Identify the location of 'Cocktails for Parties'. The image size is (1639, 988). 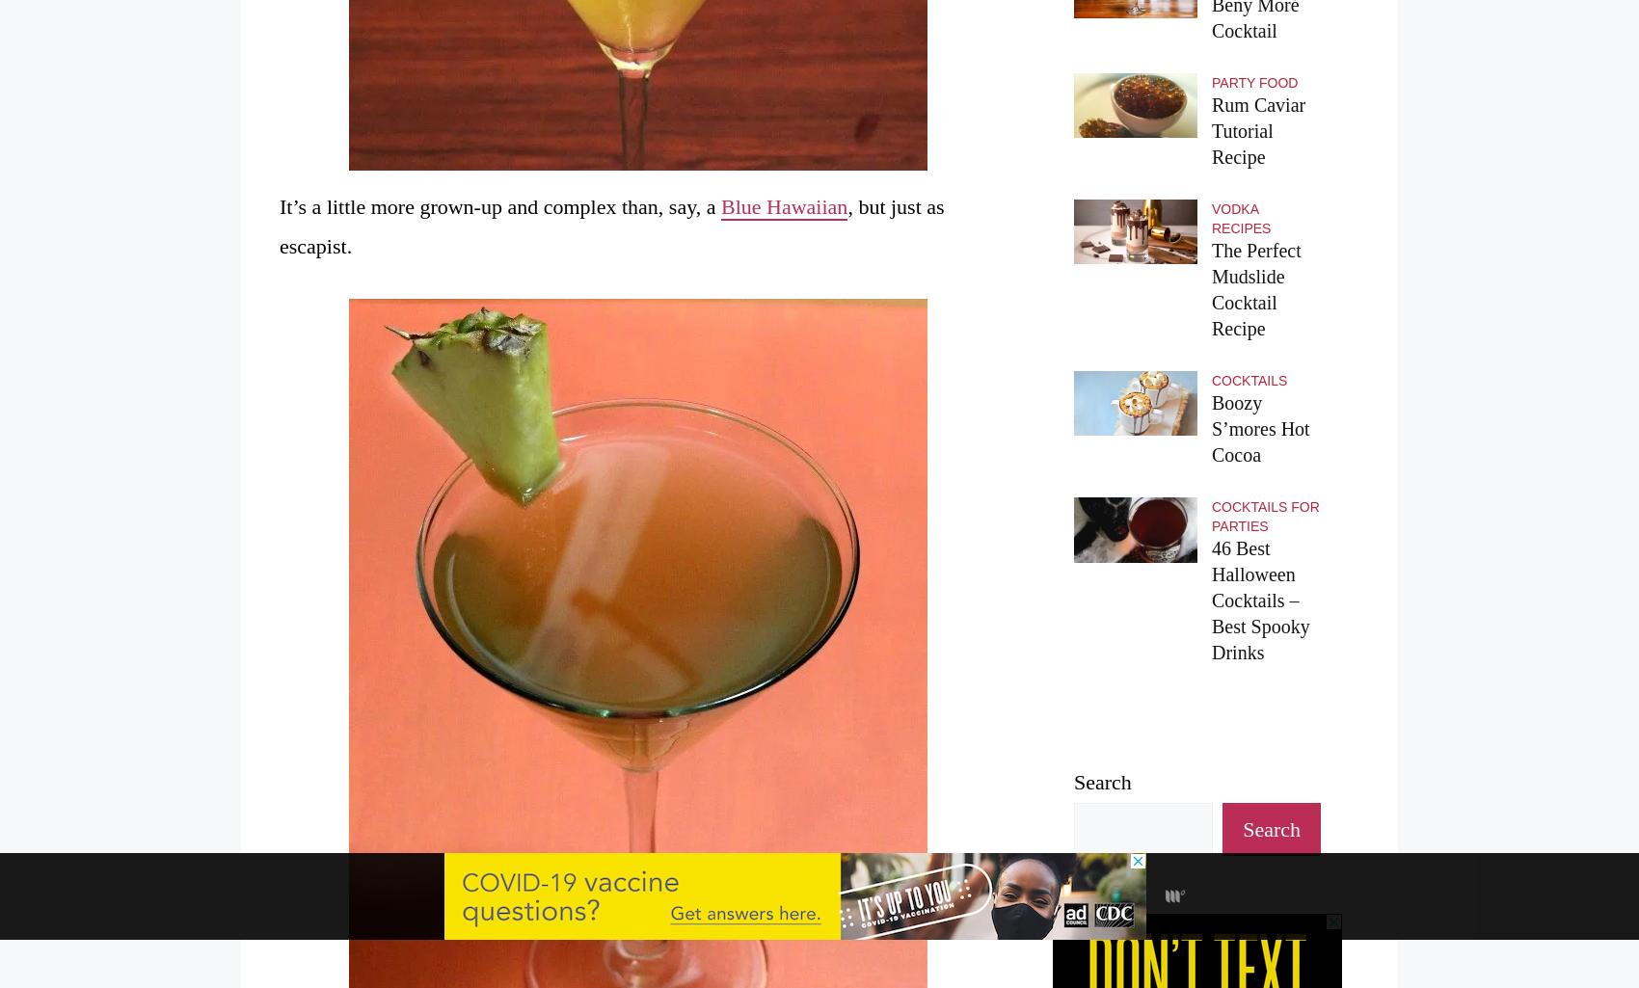
(1265, 515).